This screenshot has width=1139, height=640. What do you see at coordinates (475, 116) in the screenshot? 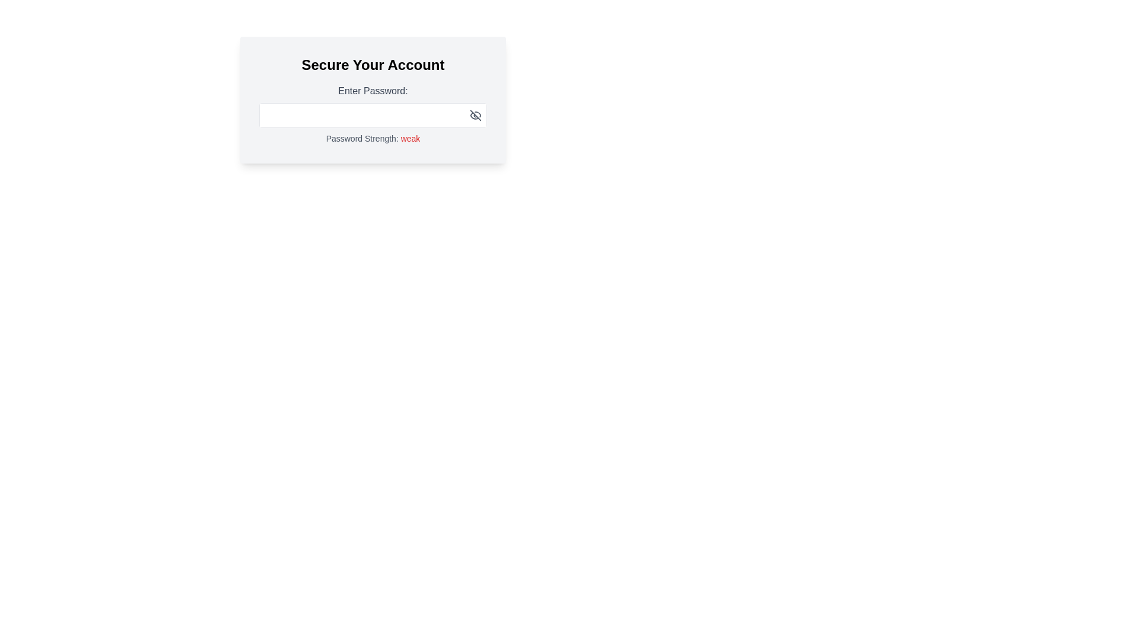
I see `the button with an eye-off icon located at the far right of the password input field` at bounding box center [475, 116].